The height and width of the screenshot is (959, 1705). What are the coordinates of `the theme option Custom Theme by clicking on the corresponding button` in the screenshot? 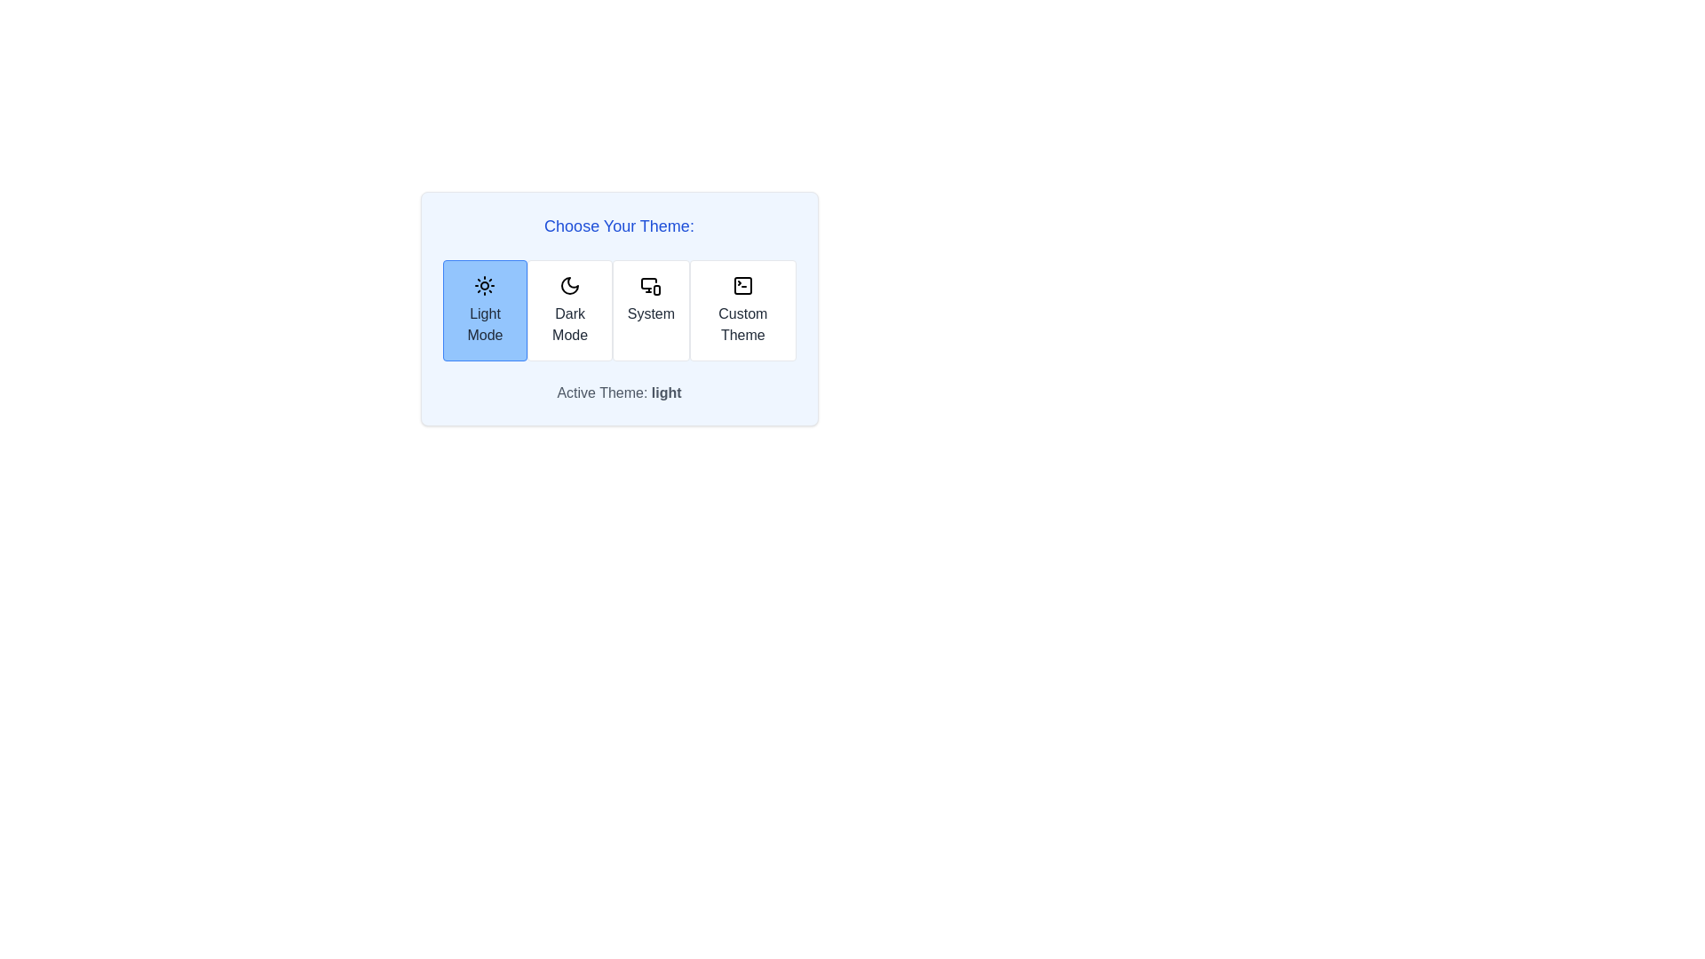 It's located at (742, 310).